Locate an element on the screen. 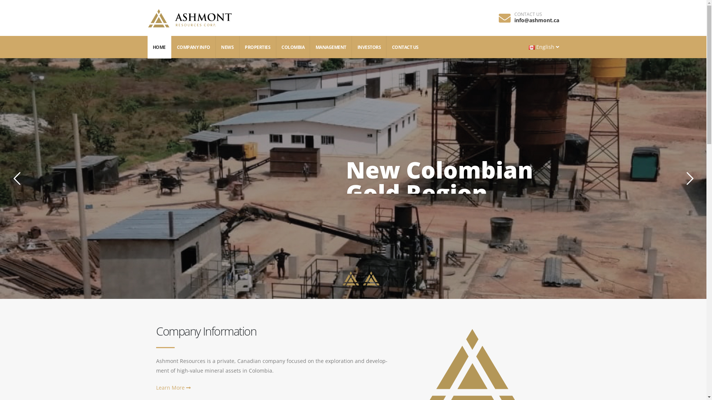 The height and width of the screenshot is (400, 712). 'CONTACT US' is located at coordinates (405, 47).